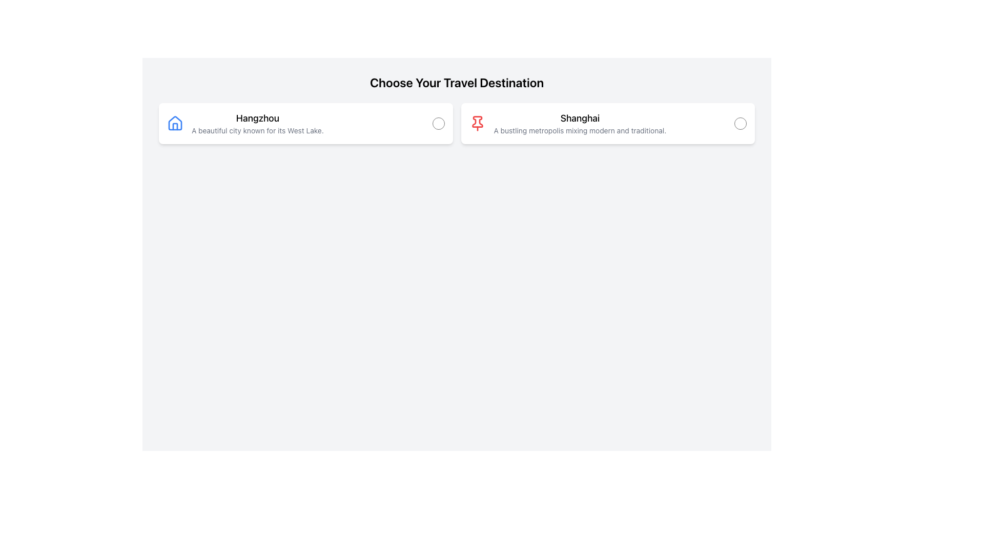 The image size is (984, 554). I want to click on the radio button for selecting 'Shanghai' as the travel destination, so click(740, 123).